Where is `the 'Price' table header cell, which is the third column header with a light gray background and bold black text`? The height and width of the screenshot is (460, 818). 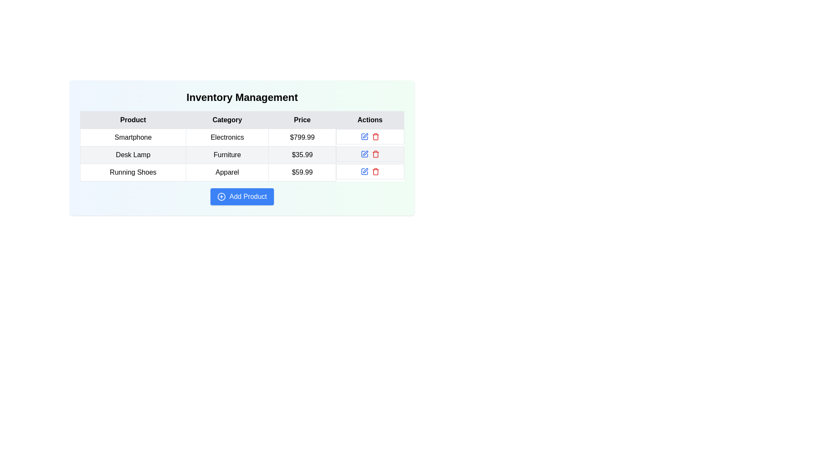
the 'Price' table header cell, which is the third column header with a light gray background and bold black text is located at coordinates (302, 120).